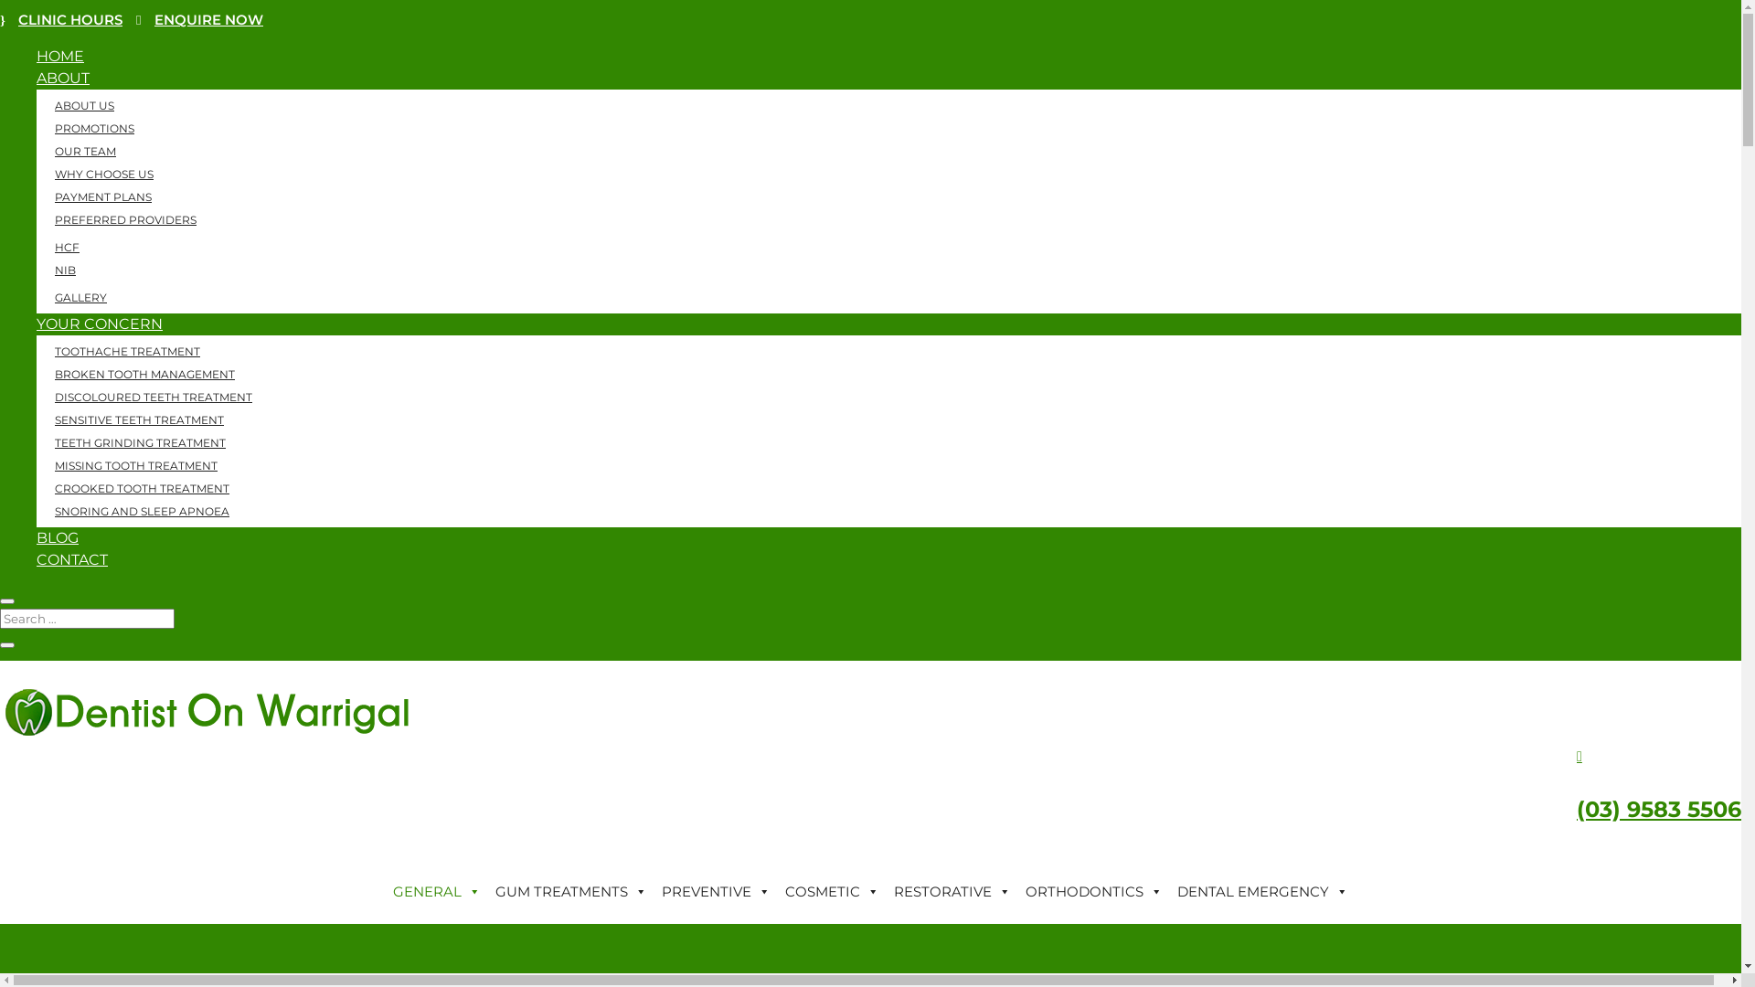  I want to click on 'ENQUIRE NOW', so click(199, 19).